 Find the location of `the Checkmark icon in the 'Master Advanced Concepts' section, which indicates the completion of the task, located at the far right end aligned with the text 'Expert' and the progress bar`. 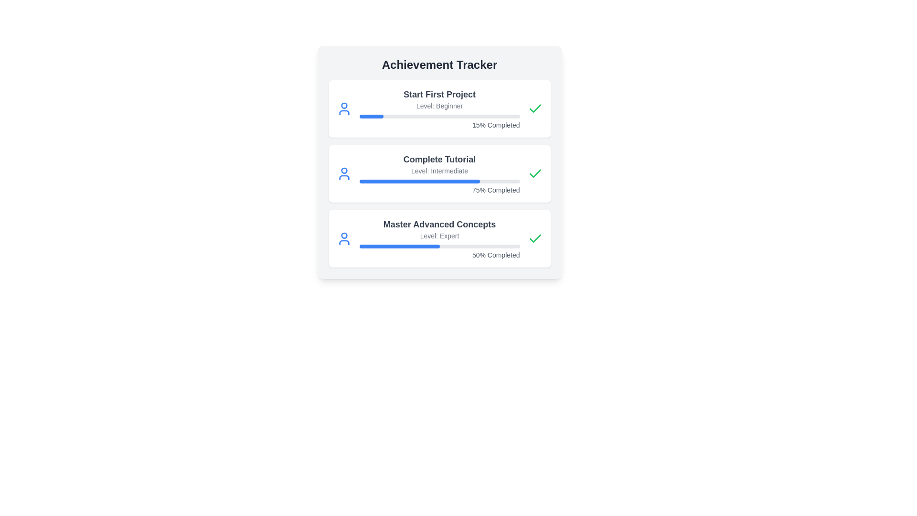

the Checkmark icon in the 'Master Advanced Concepts' section, which indicates the completion of the task, located at the far right end aligned with the text 'Expert' and the progress bar is located at coordinates (535, 238).